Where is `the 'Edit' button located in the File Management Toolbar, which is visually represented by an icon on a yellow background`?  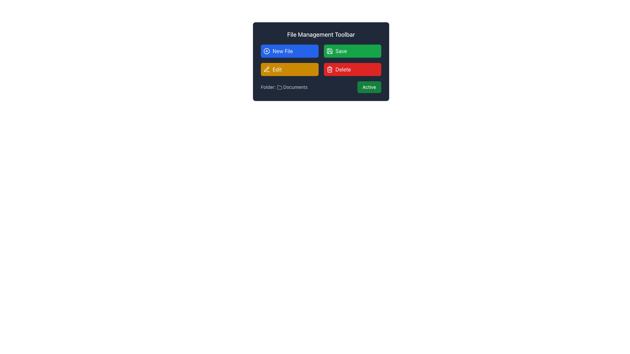
the 'Edit' button located in the File Management Toolbar, which is visually represented by an icon on a yellow background is located at coordinates (266, 69).